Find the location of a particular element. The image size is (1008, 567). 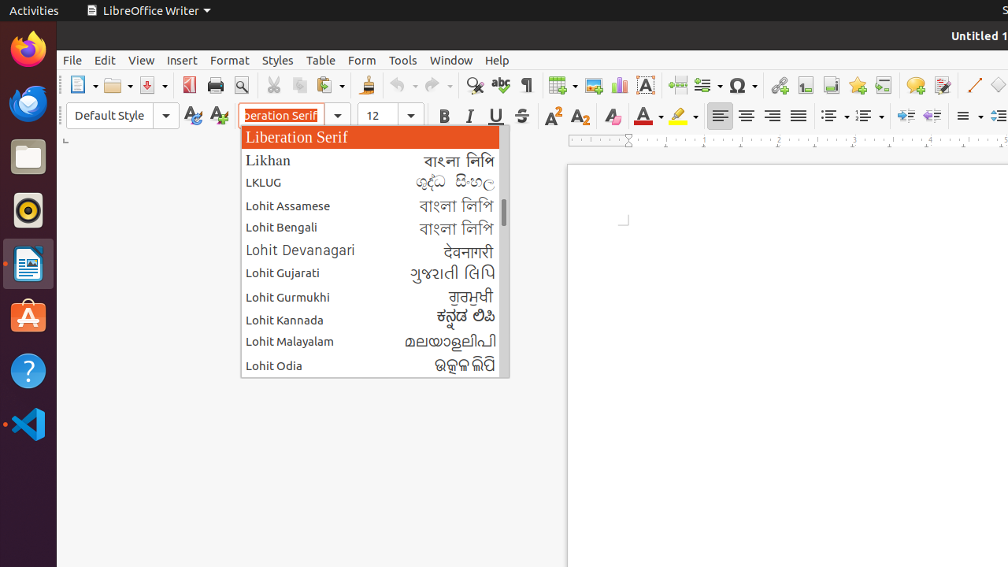

'Liberation Serif' is located at coordinates (374, 135).